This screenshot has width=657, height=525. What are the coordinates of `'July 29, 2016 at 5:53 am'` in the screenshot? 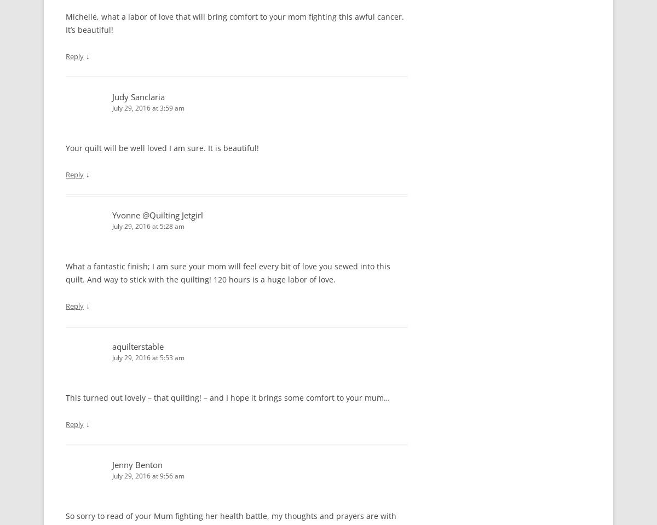 It's located at (111, 357).